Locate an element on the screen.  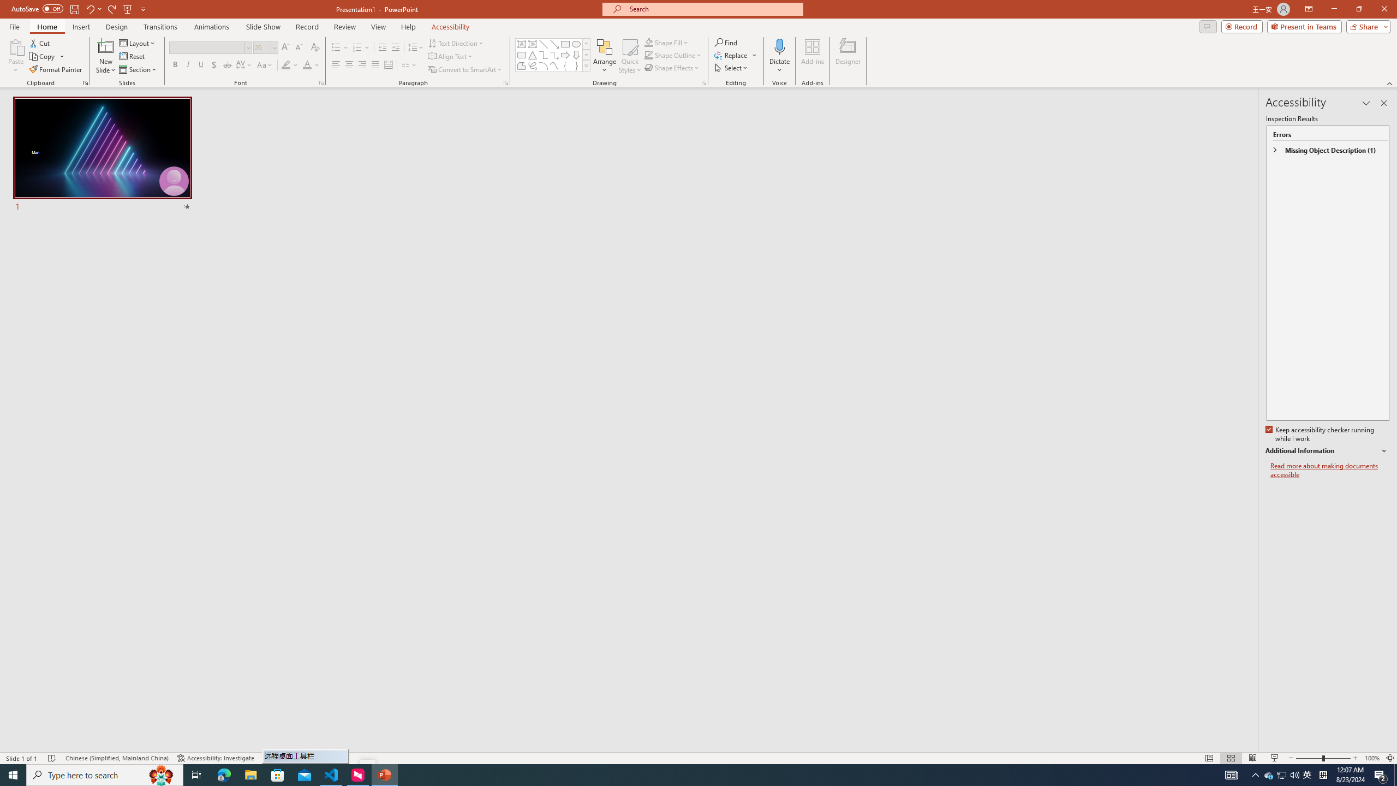
'Character Spacing' is located at coordinates (244, 64).